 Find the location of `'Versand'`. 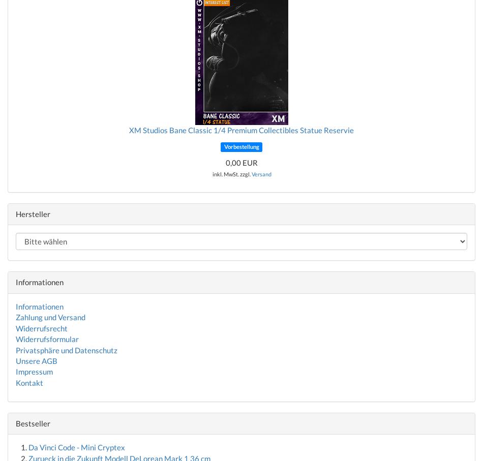

'Versand' is located at coordinates (261, 173).